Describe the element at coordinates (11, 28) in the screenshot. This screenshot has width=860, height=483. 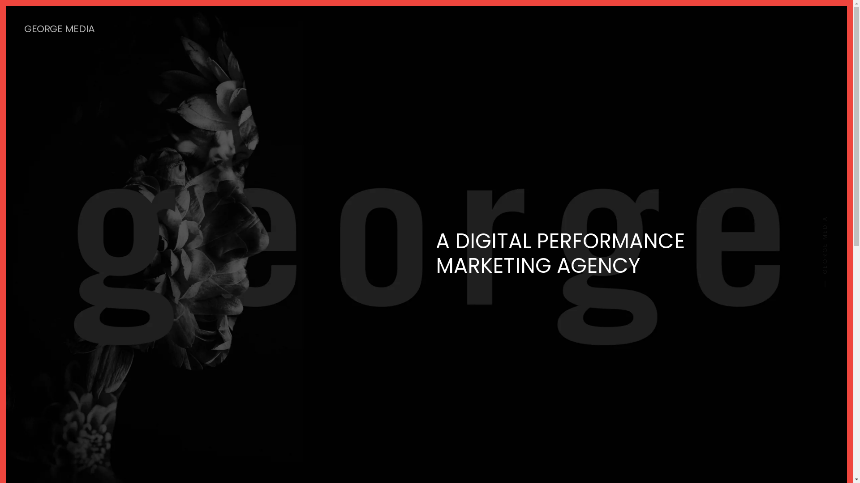
I see `'GEORGE MEDIA'` at that location.